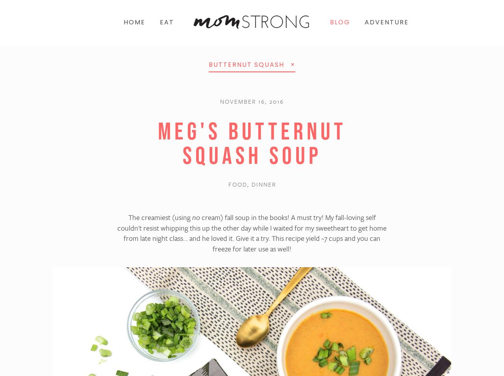 This screenshot has width=504, height=376. What do you see at coordinates (196, 216) in the screenshot?
I see `'no'` at bounding box center [196, 216].